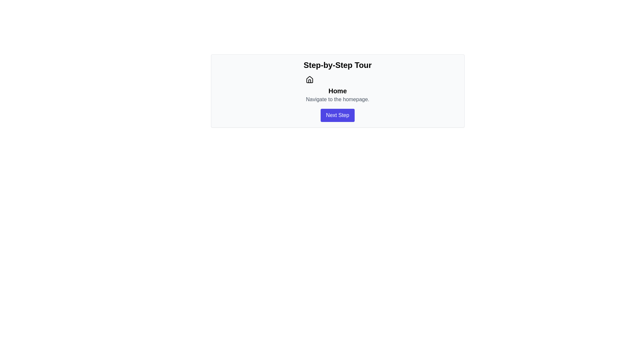 The image size is (634, 356). What do you see at coordinates (309, 79) in the screenshot?
I see `the homepage icon located at the top section of the card layout` at bounding box center [309, 79].